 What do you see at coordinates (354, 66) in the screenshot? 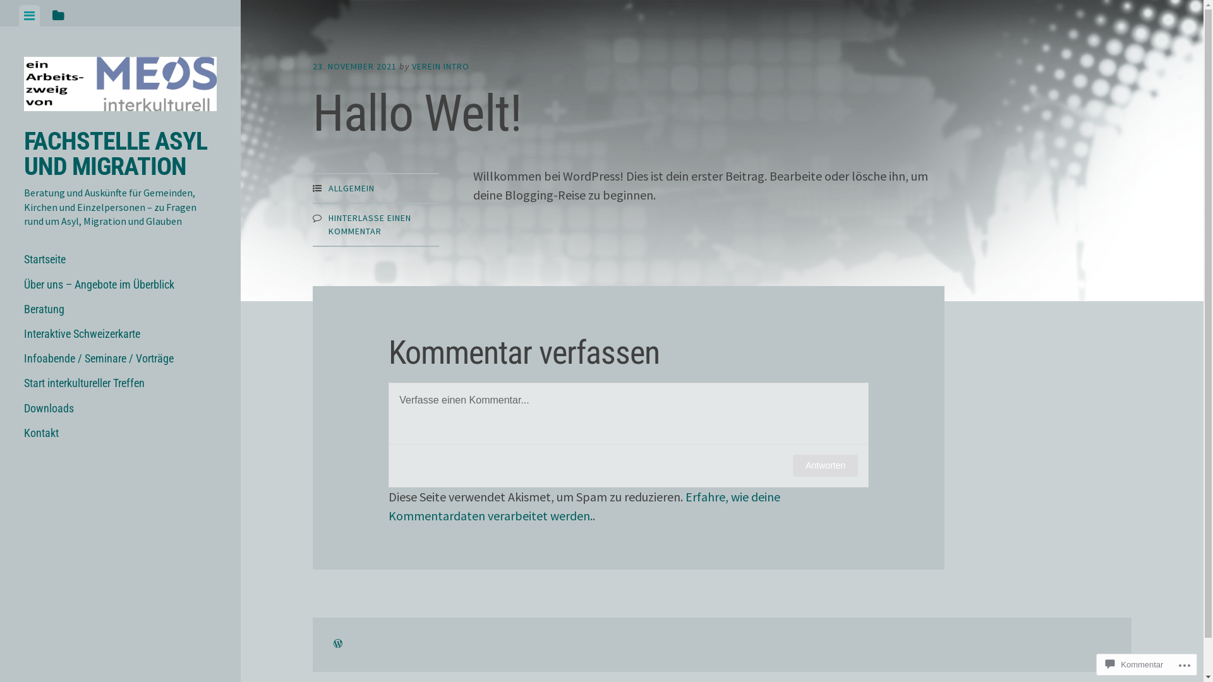
I see `'23. NOVEMBER 2021'` at bounding box center [354, 66].